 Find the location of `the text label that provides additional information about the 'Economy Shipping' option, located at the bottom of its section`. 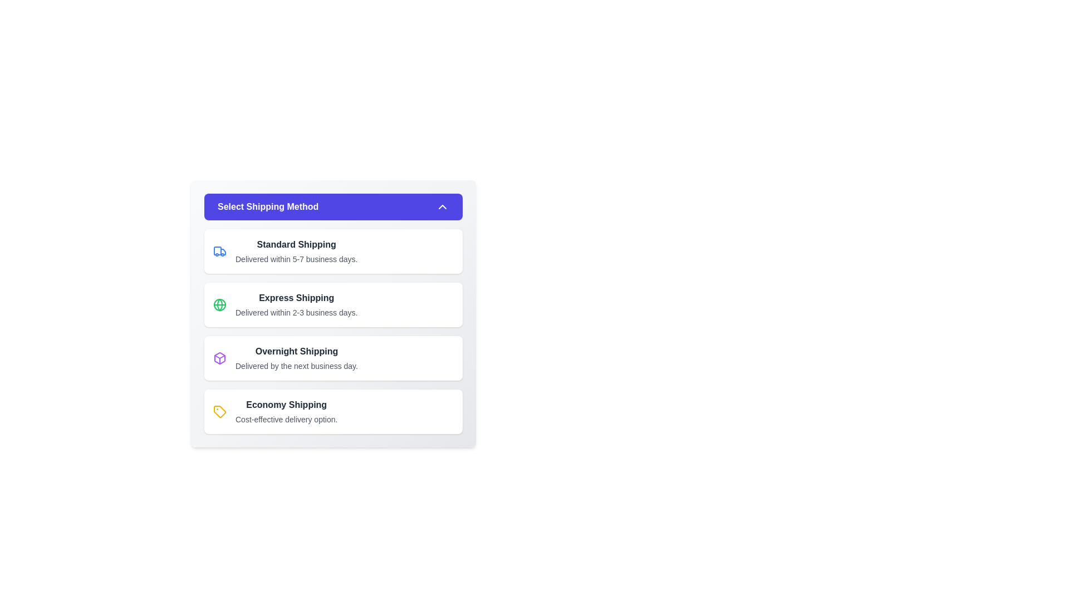

the text label that provides additional information about the 'Economy Shipping' option, located at the bottom of its section is located at coordinates (286, 419).